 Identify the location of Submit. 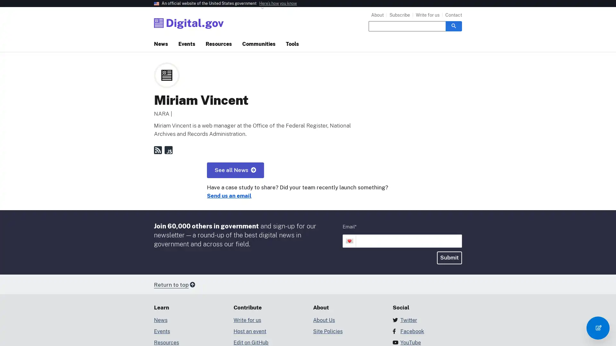
(449, 257).